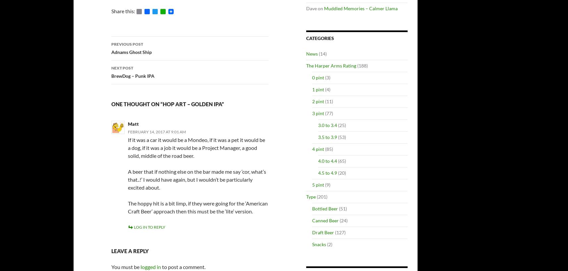  What do you see at coordinates (318, 101) in the screenshot?
I see `'2 pint'` at bounding box center [318, 101].